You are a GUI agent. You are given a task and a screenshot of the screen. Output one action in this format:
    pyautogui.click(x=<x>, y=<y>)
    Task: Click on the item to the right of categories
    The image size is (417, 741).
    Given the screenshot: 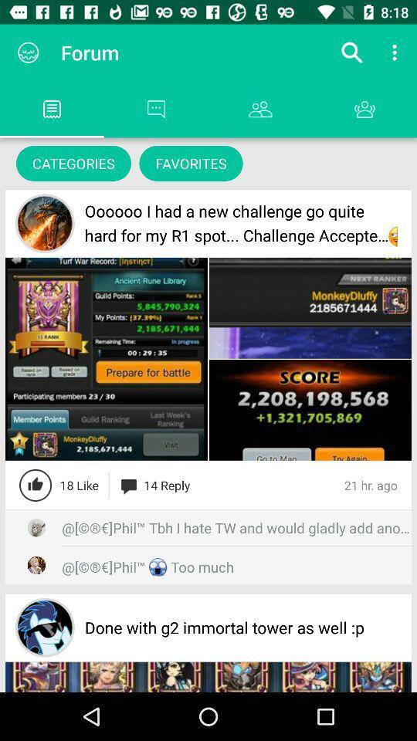 What is the action you would take?
    pyautogui.click(x=191, y=163)
    